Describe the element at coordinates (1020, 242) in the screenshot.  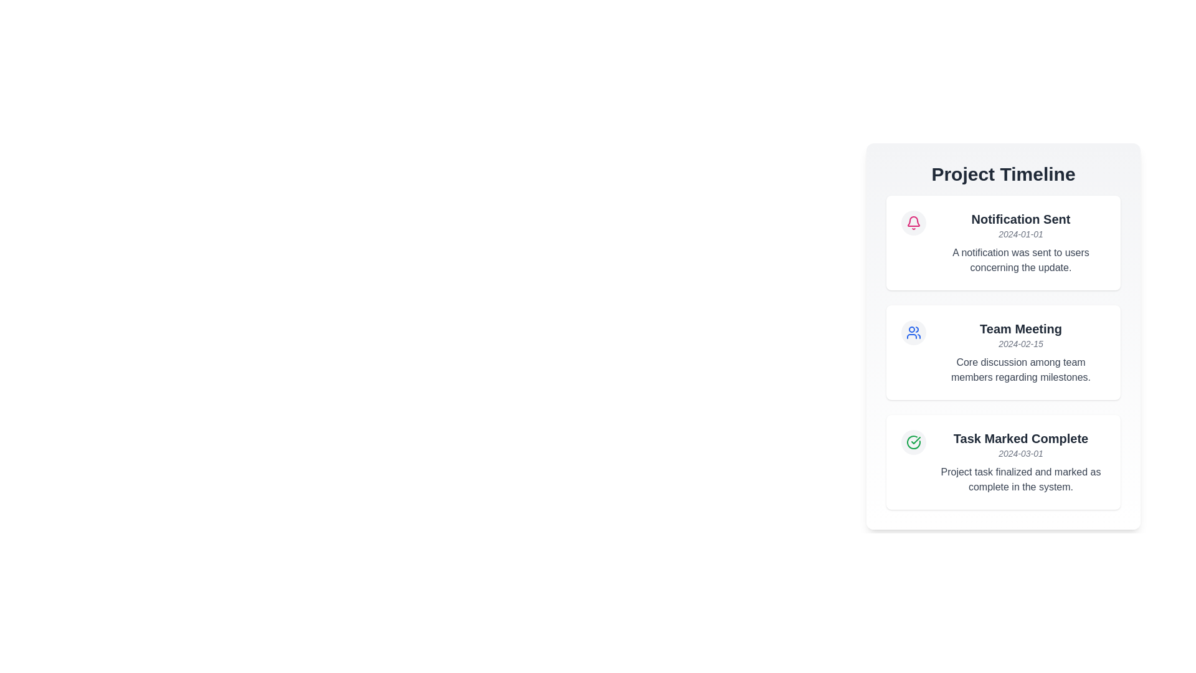
I see `content displayed in the first item of the vertically arranged notification list, which is located below the 'Project Timeline' title` at that location.